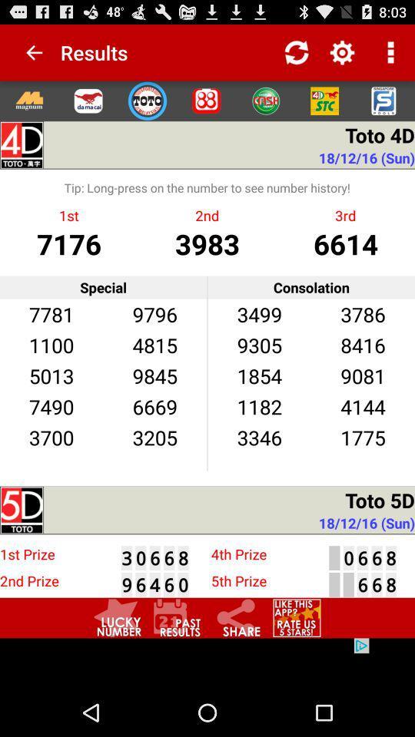 The height and width of the screenshot is (737, 415). I want to click on see your lucky number, so click(117, 618).